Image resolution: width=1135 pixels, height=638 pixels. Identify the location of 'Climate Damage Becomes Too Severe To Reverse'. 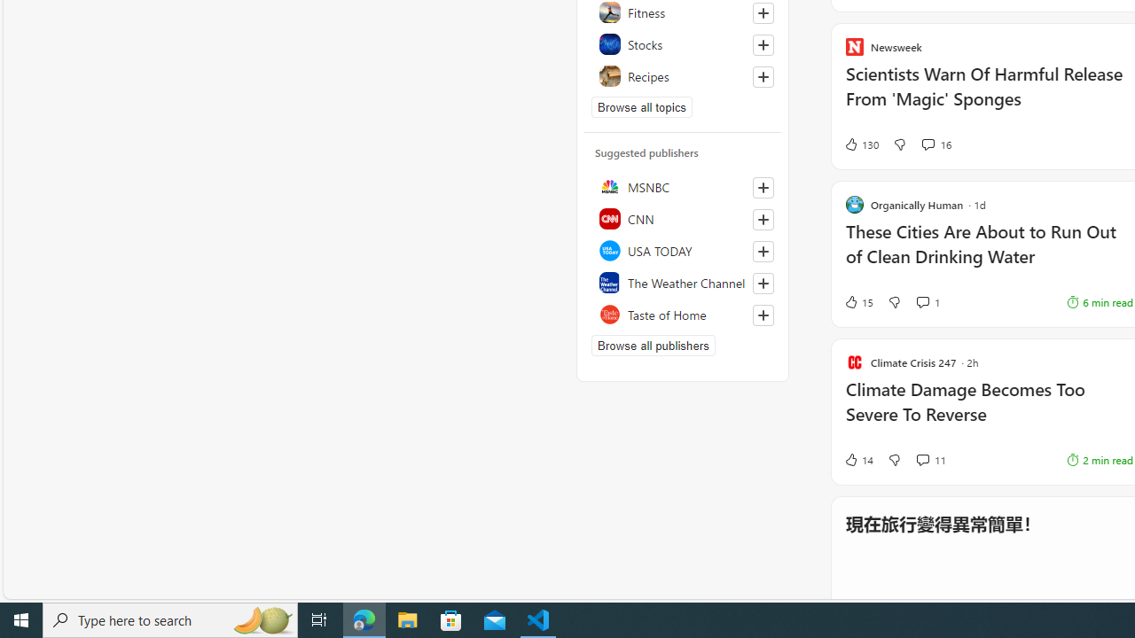
(988, 411).